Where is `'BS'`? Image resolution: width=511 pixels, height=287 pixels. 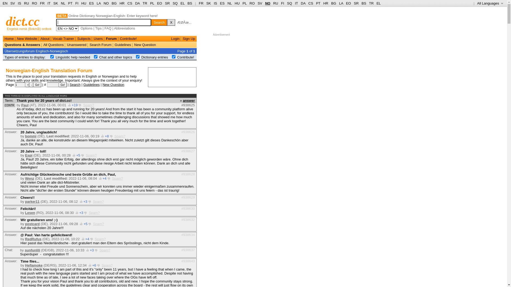 'BS' is located at coordinates (188, 3).